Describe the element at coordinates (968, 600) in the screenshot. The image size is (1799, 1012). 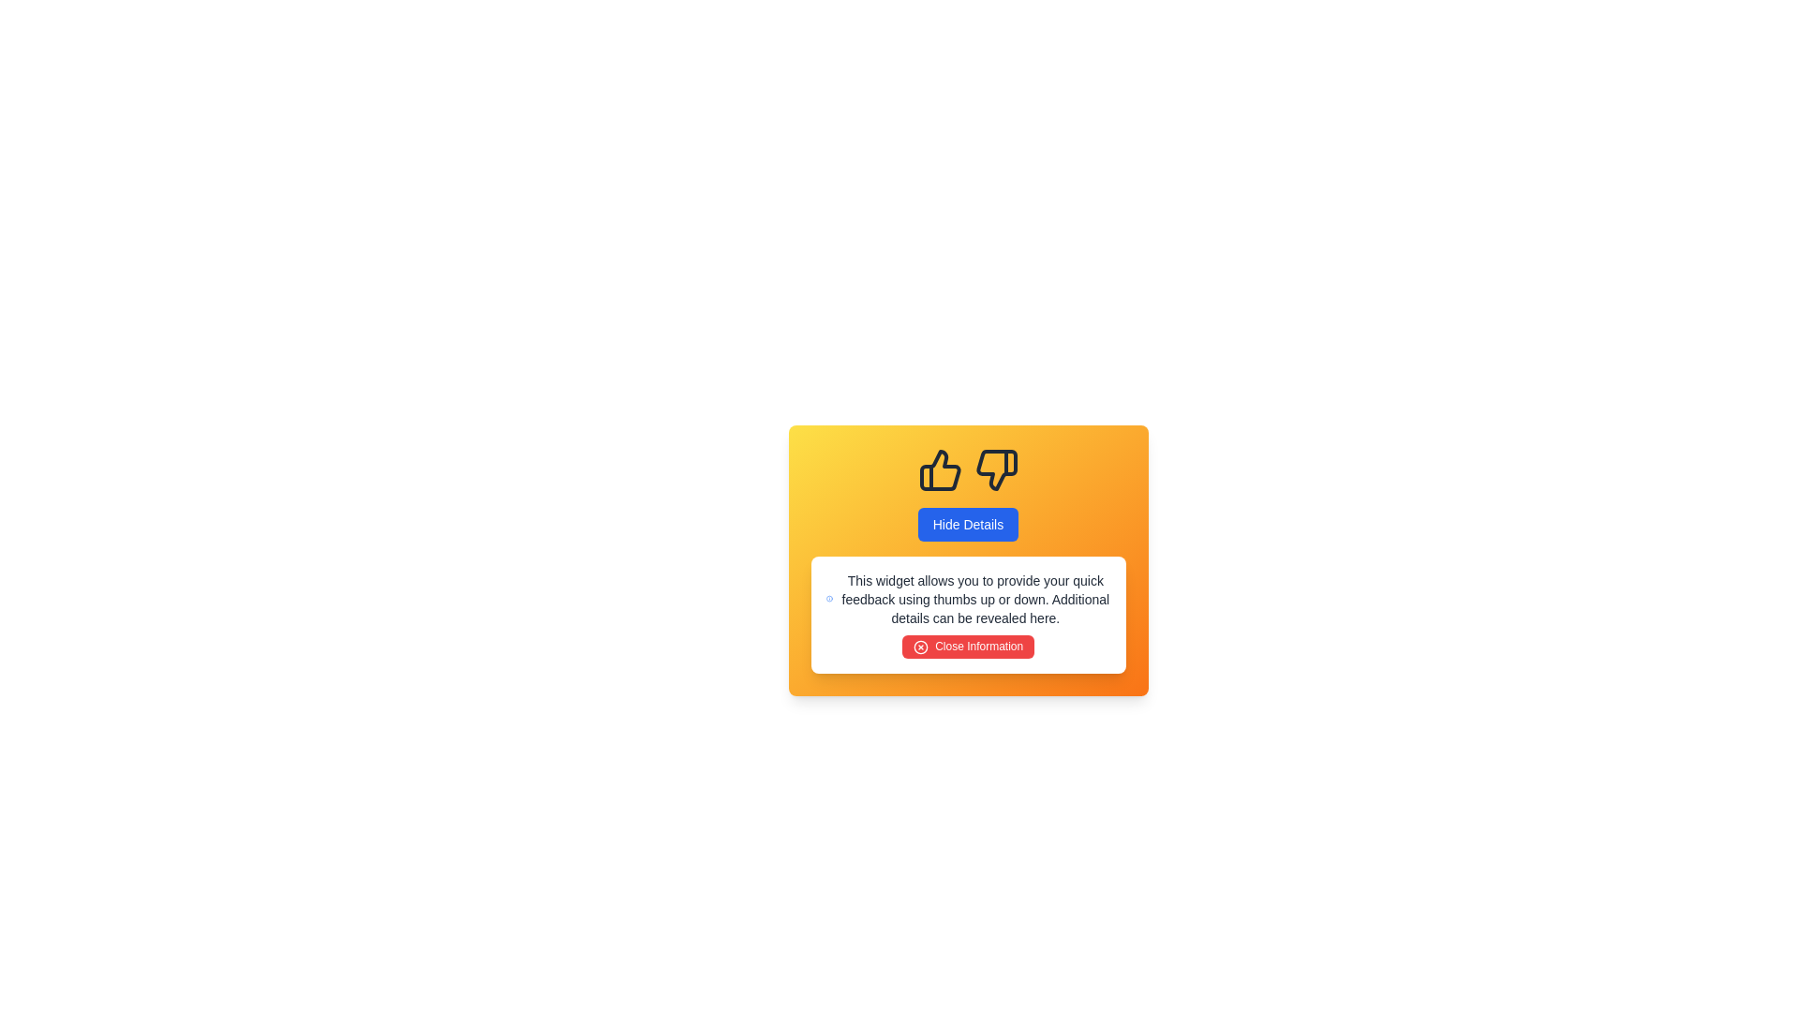
I see `information displayed in the text block that provides quick feedback options, located below the thumbs feedback icons and above the red 'Close Information' button` at that location.